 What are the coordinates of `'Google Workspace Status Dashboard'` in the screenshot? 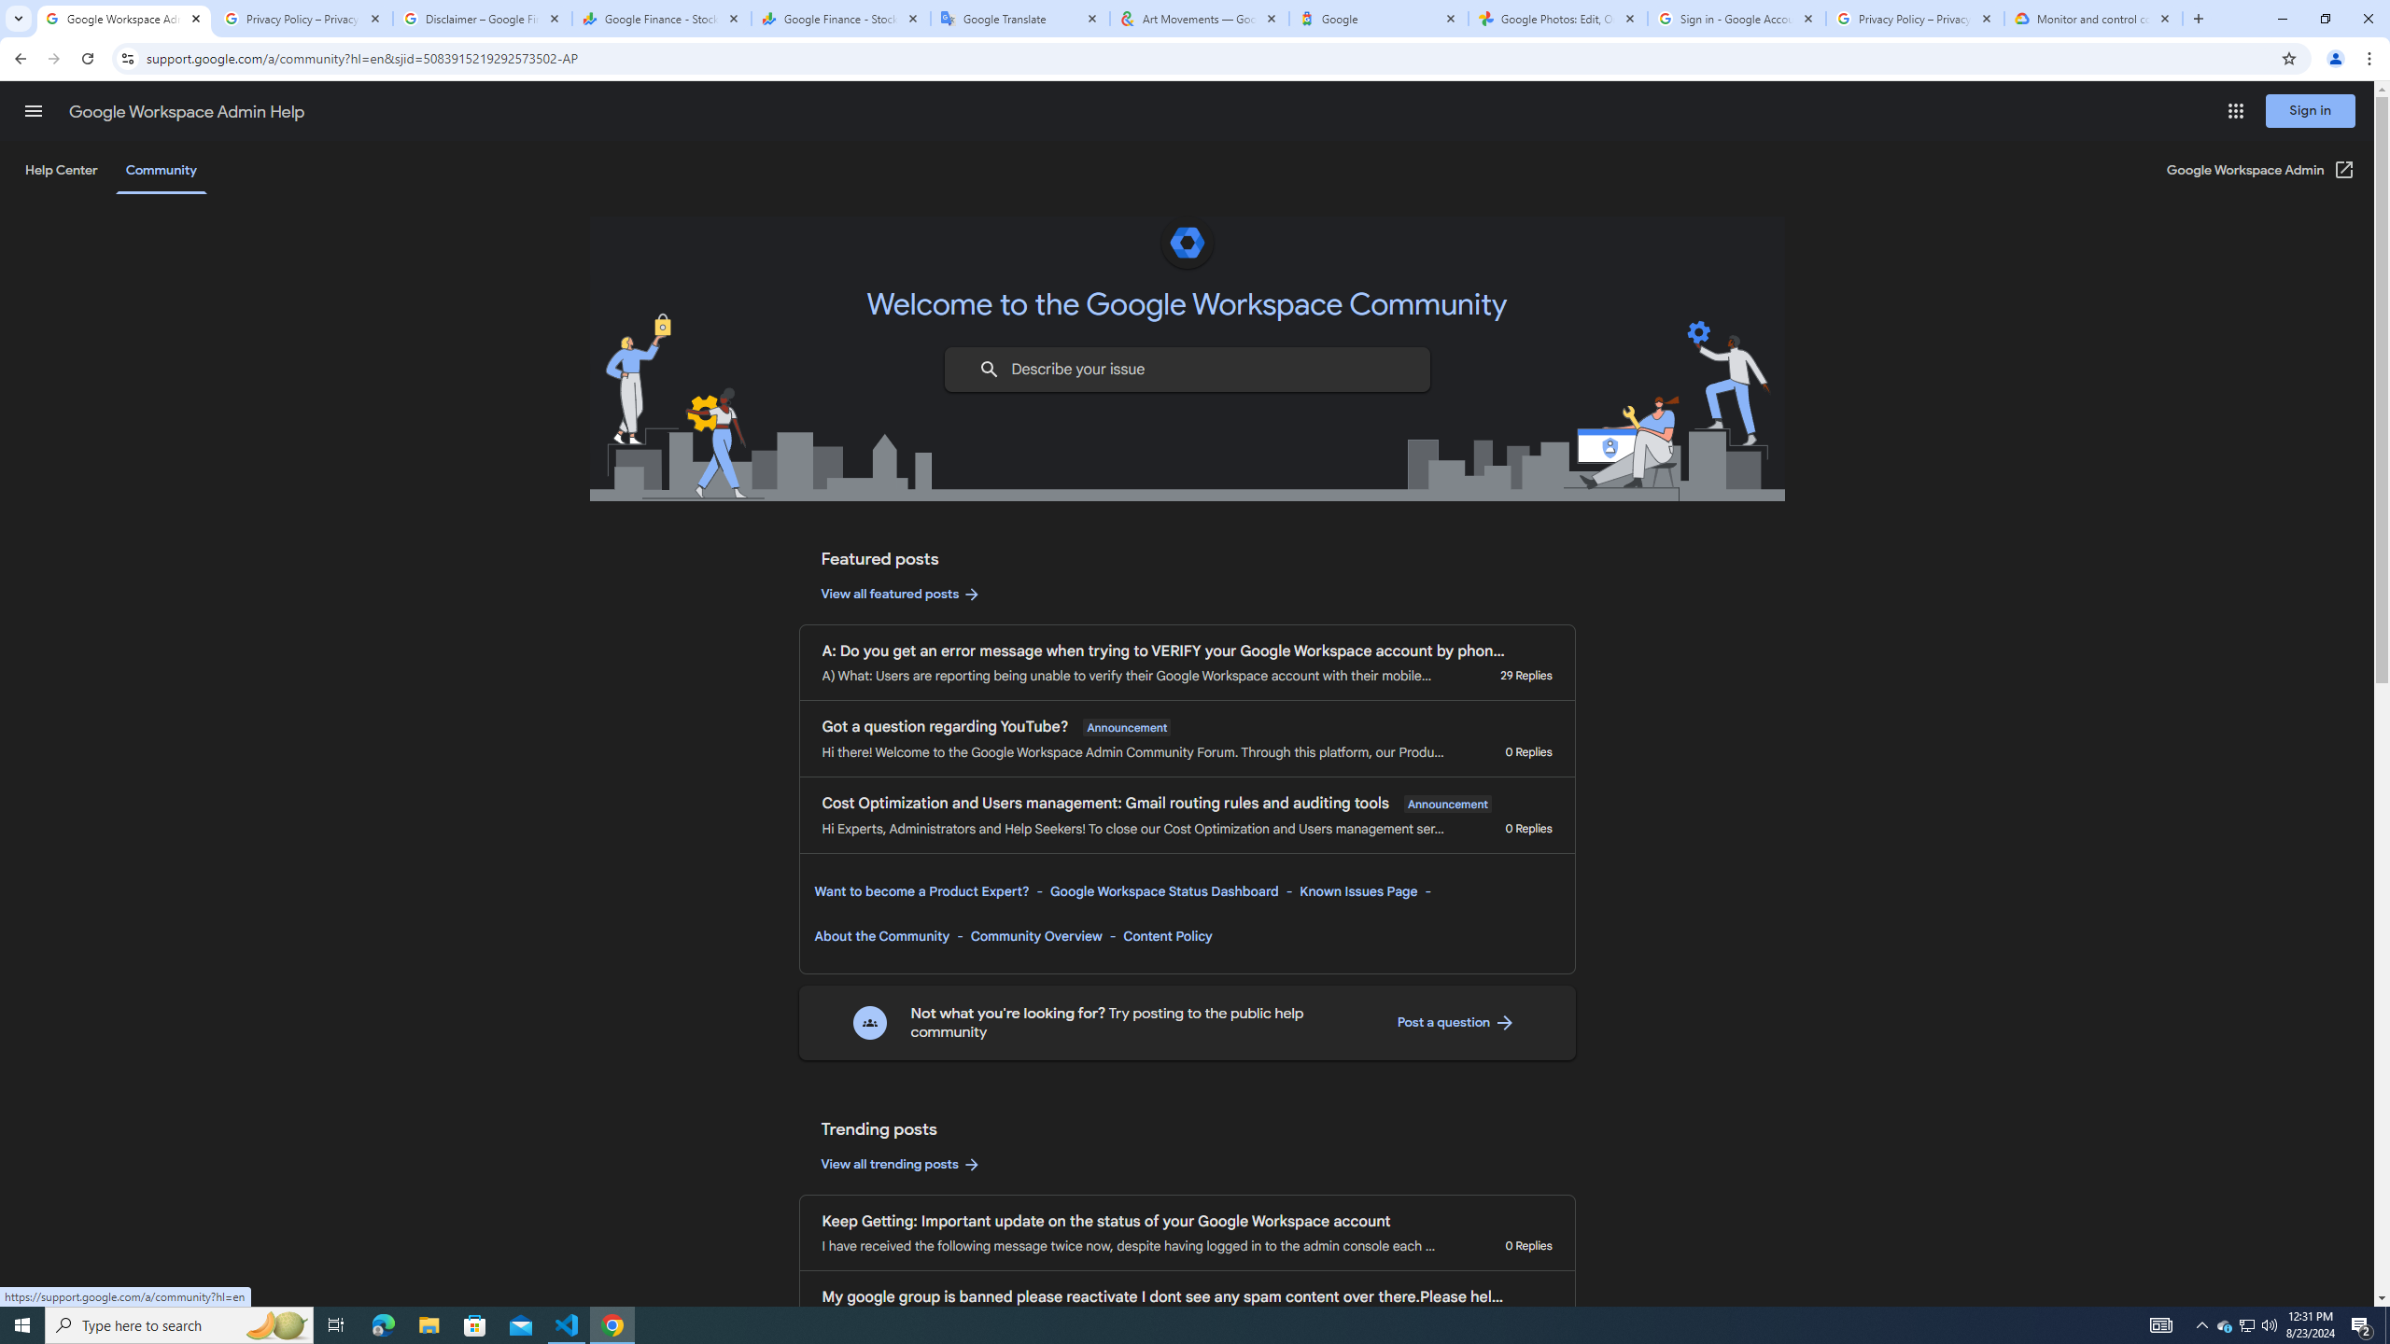 It's located at (1163, 889).